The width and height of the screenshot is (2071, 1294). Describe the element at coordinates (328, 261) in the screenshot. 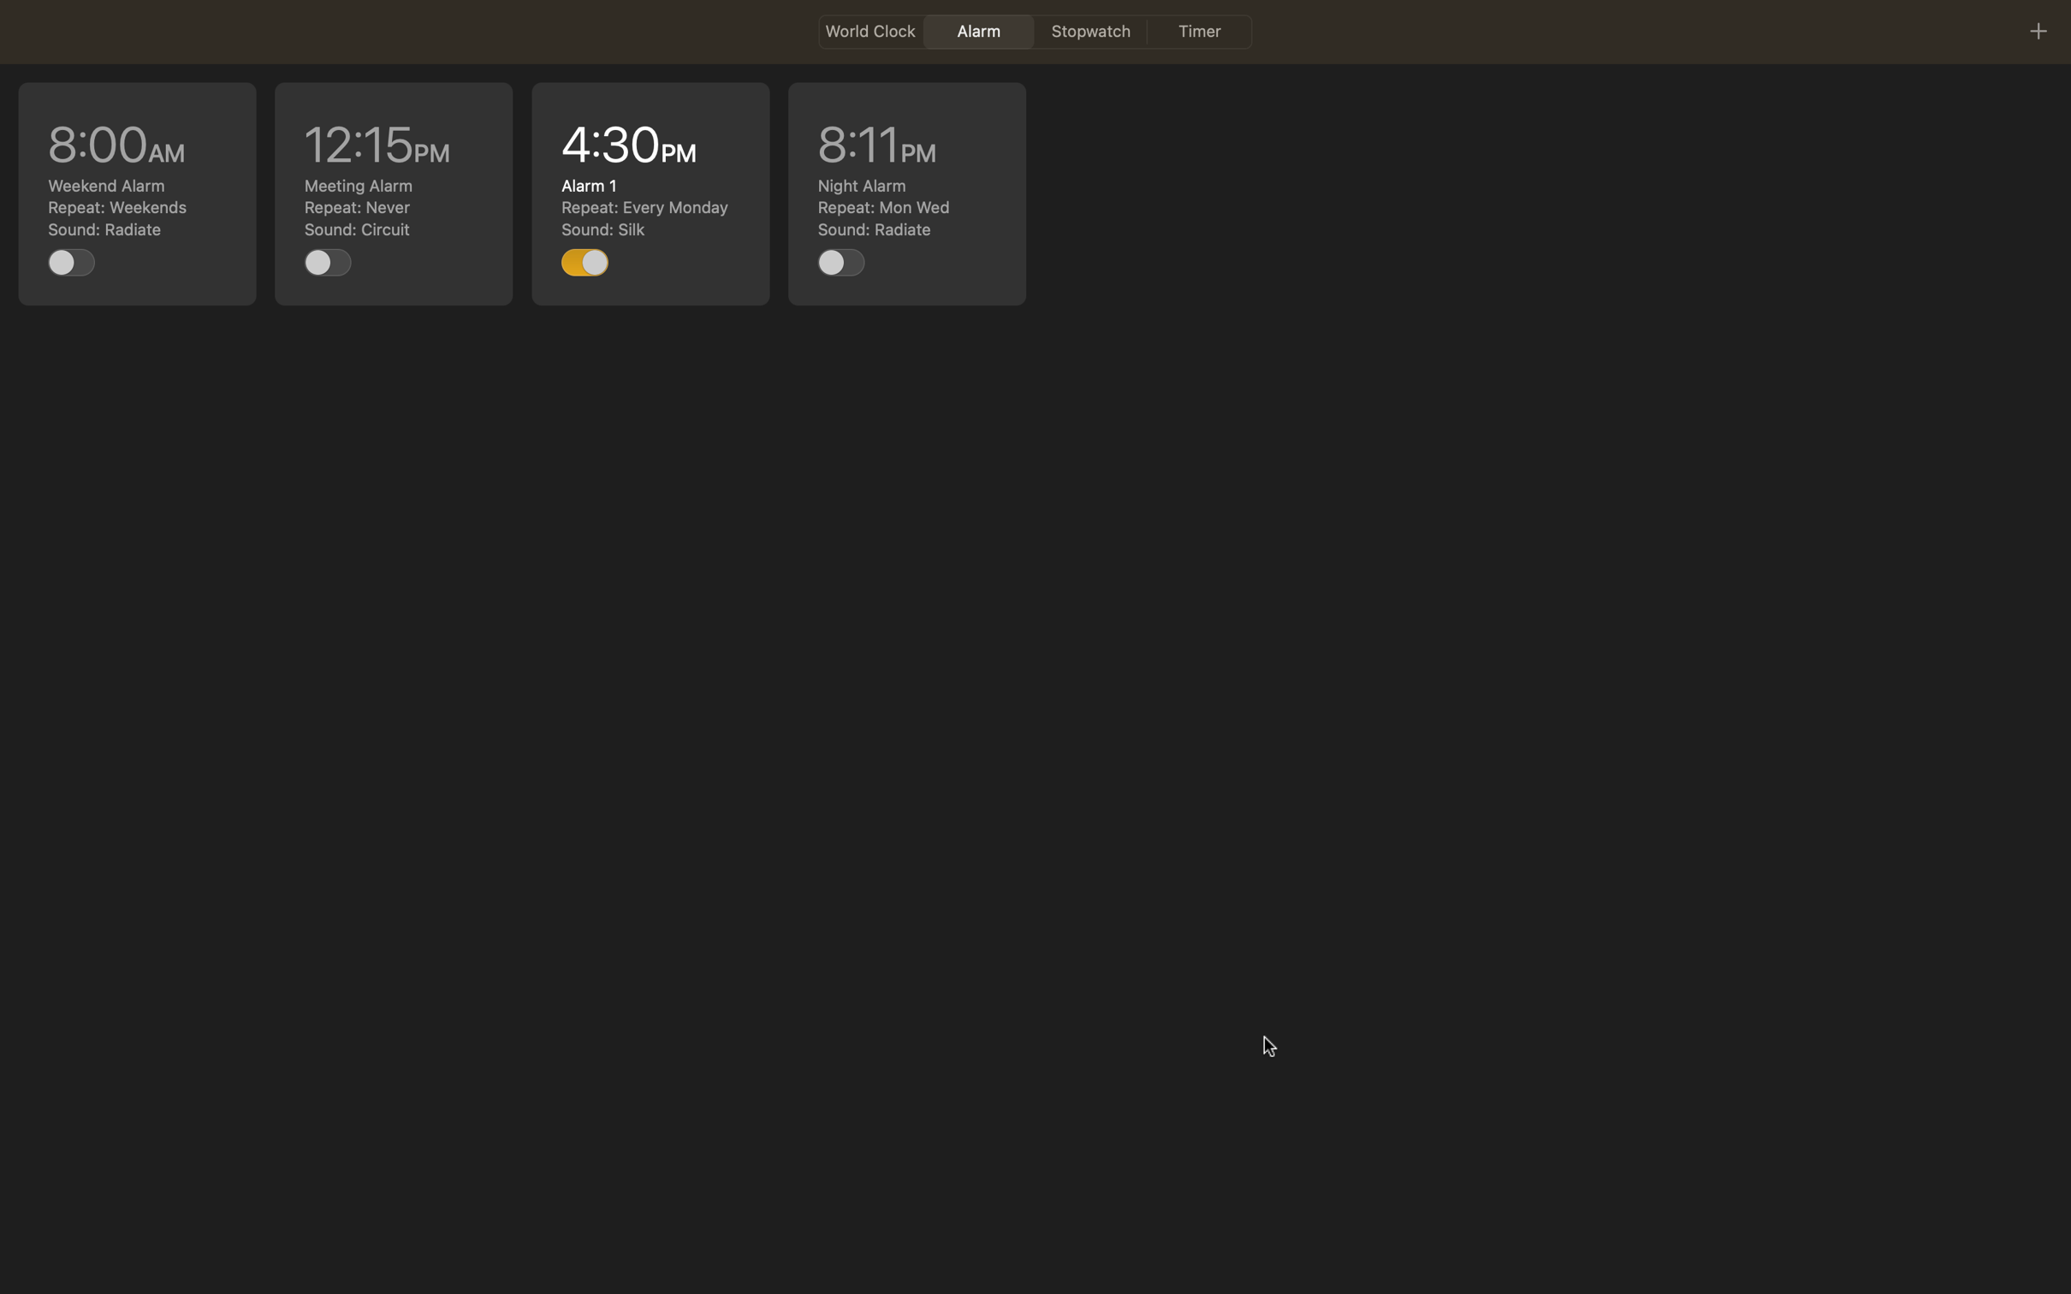

I see `Turn on the task set at noon` at that location.